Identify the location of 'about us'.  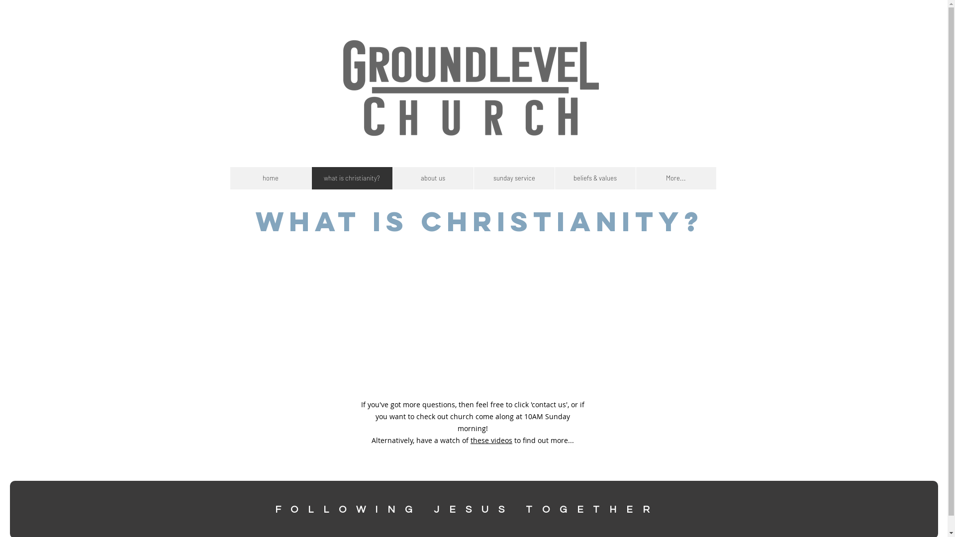
(391, 178).